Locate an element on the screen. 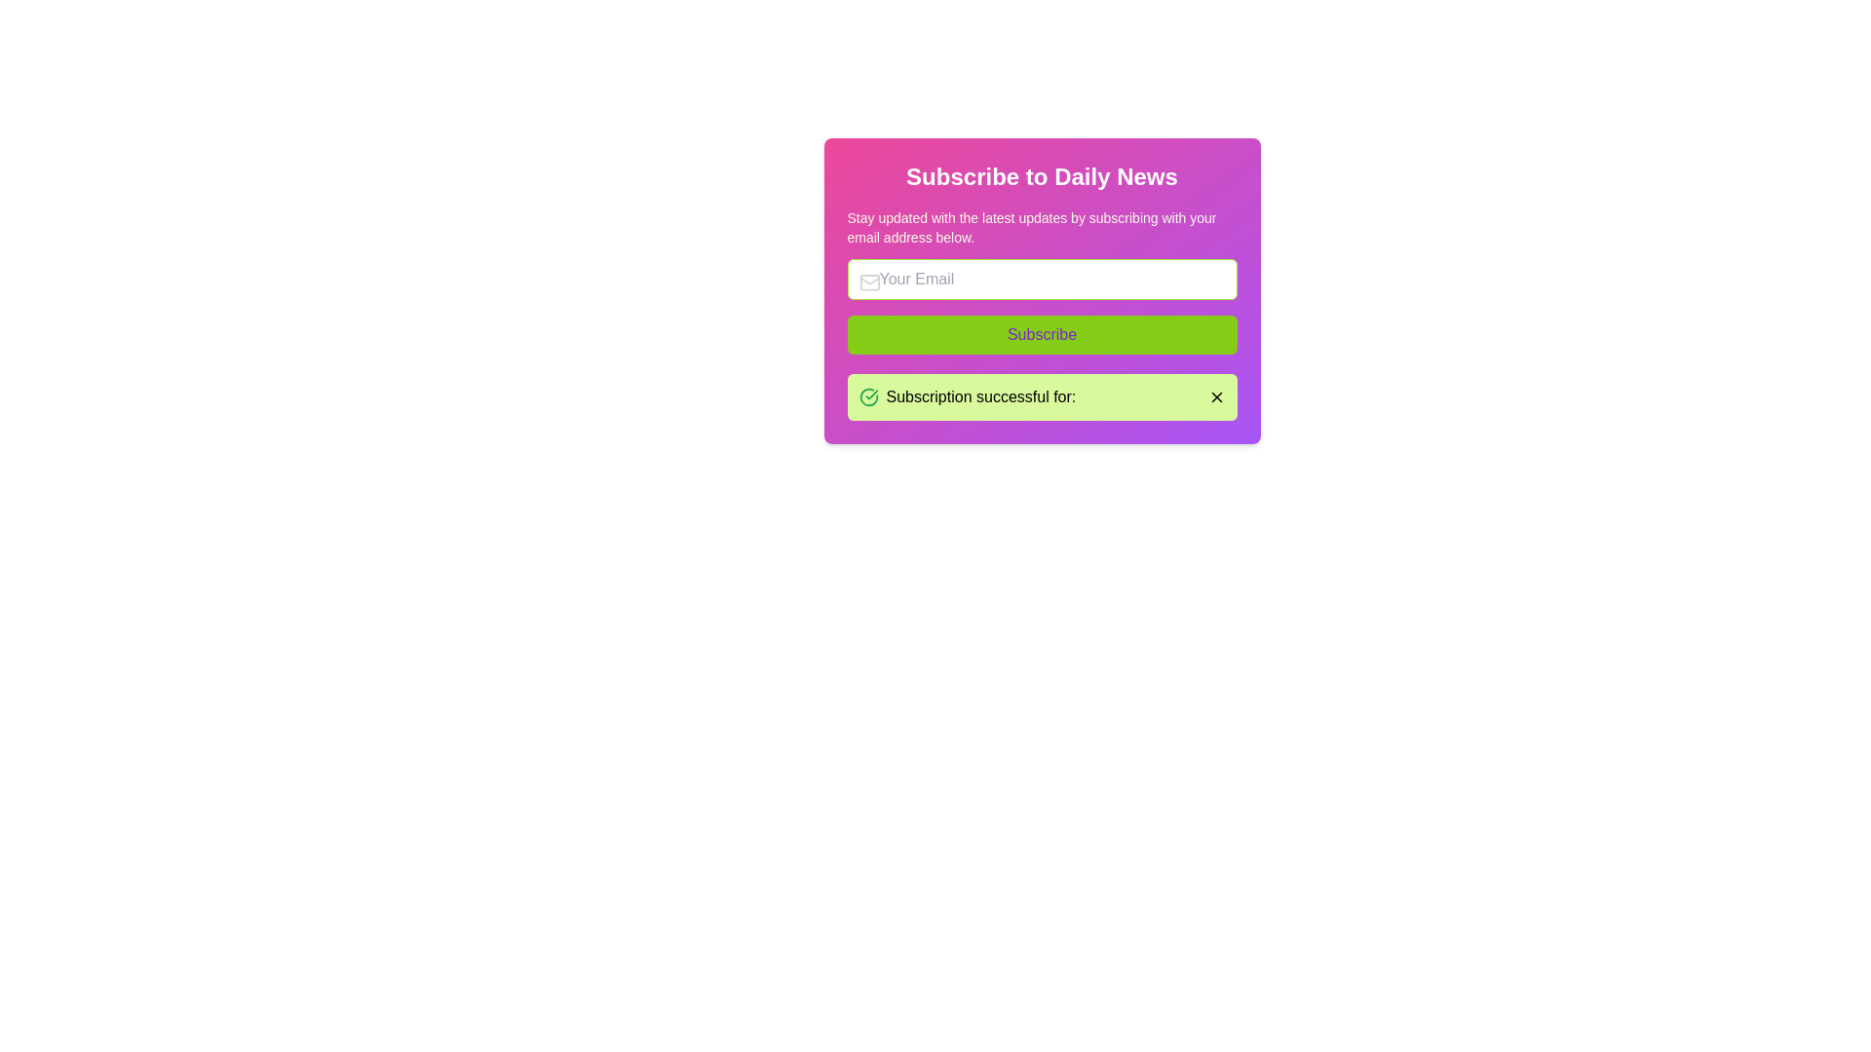 Image resolution: width=1871 pixels, height=1052 pixels. the dismiss button located at the far right of the message box stating 'Subscription successful for:' is located at coordinates (1215, 396).